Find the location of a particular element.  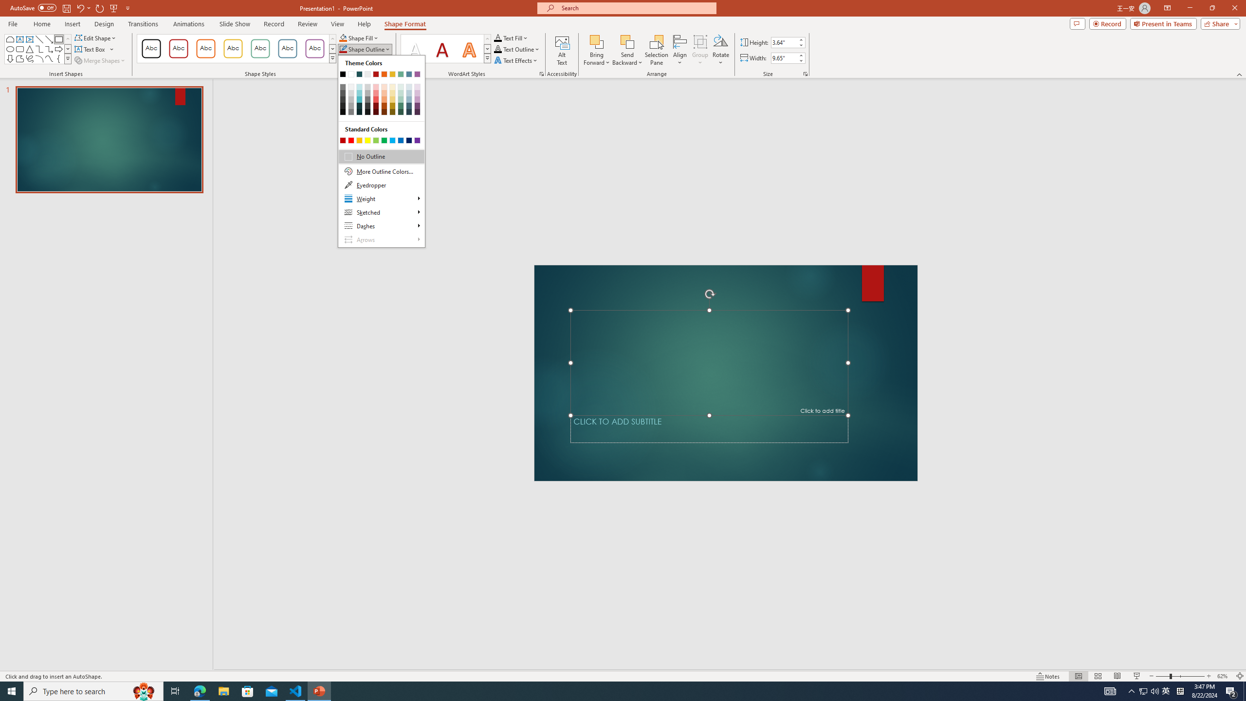

'Colored Outline - Purple, Accent 6' is located at coordinates (315, 48).